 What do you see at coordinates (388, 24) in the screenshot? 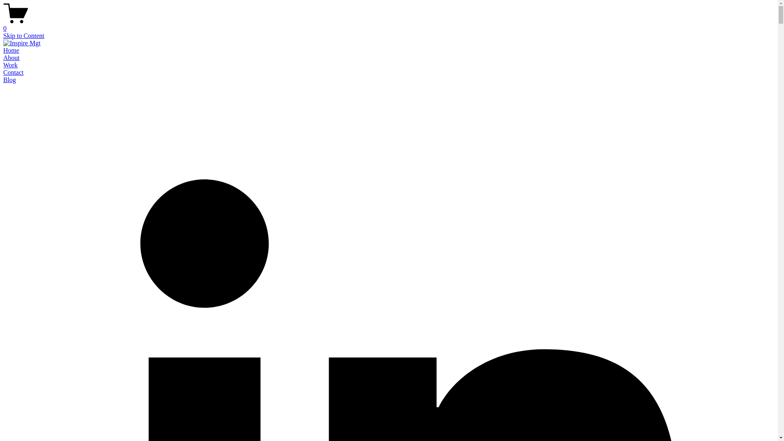
I see `'0'` at bounding box center [388, 24].